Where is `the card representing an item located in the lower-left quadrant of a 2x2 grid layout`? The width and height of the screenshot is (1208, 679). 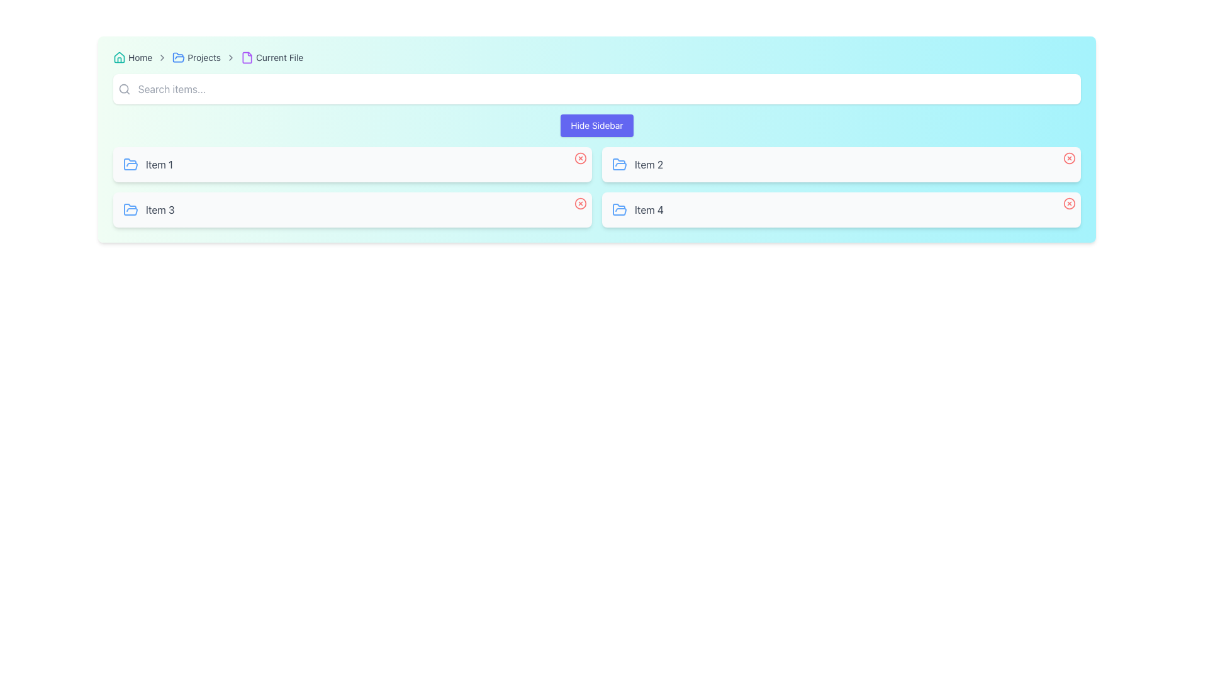
the card representing an item located in the lower-left quadrant of a 2x2 grid layout is located at coordinates (352, 209).